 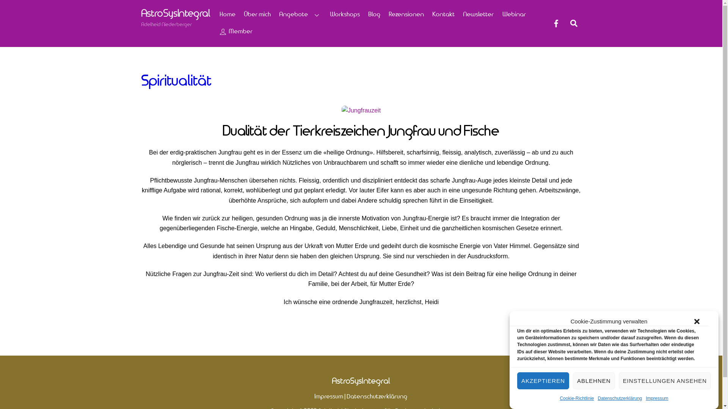 What do you see at coordinates (236, 31) in the screenshot?
I see `'Member'` at bounding box center [236, 31].